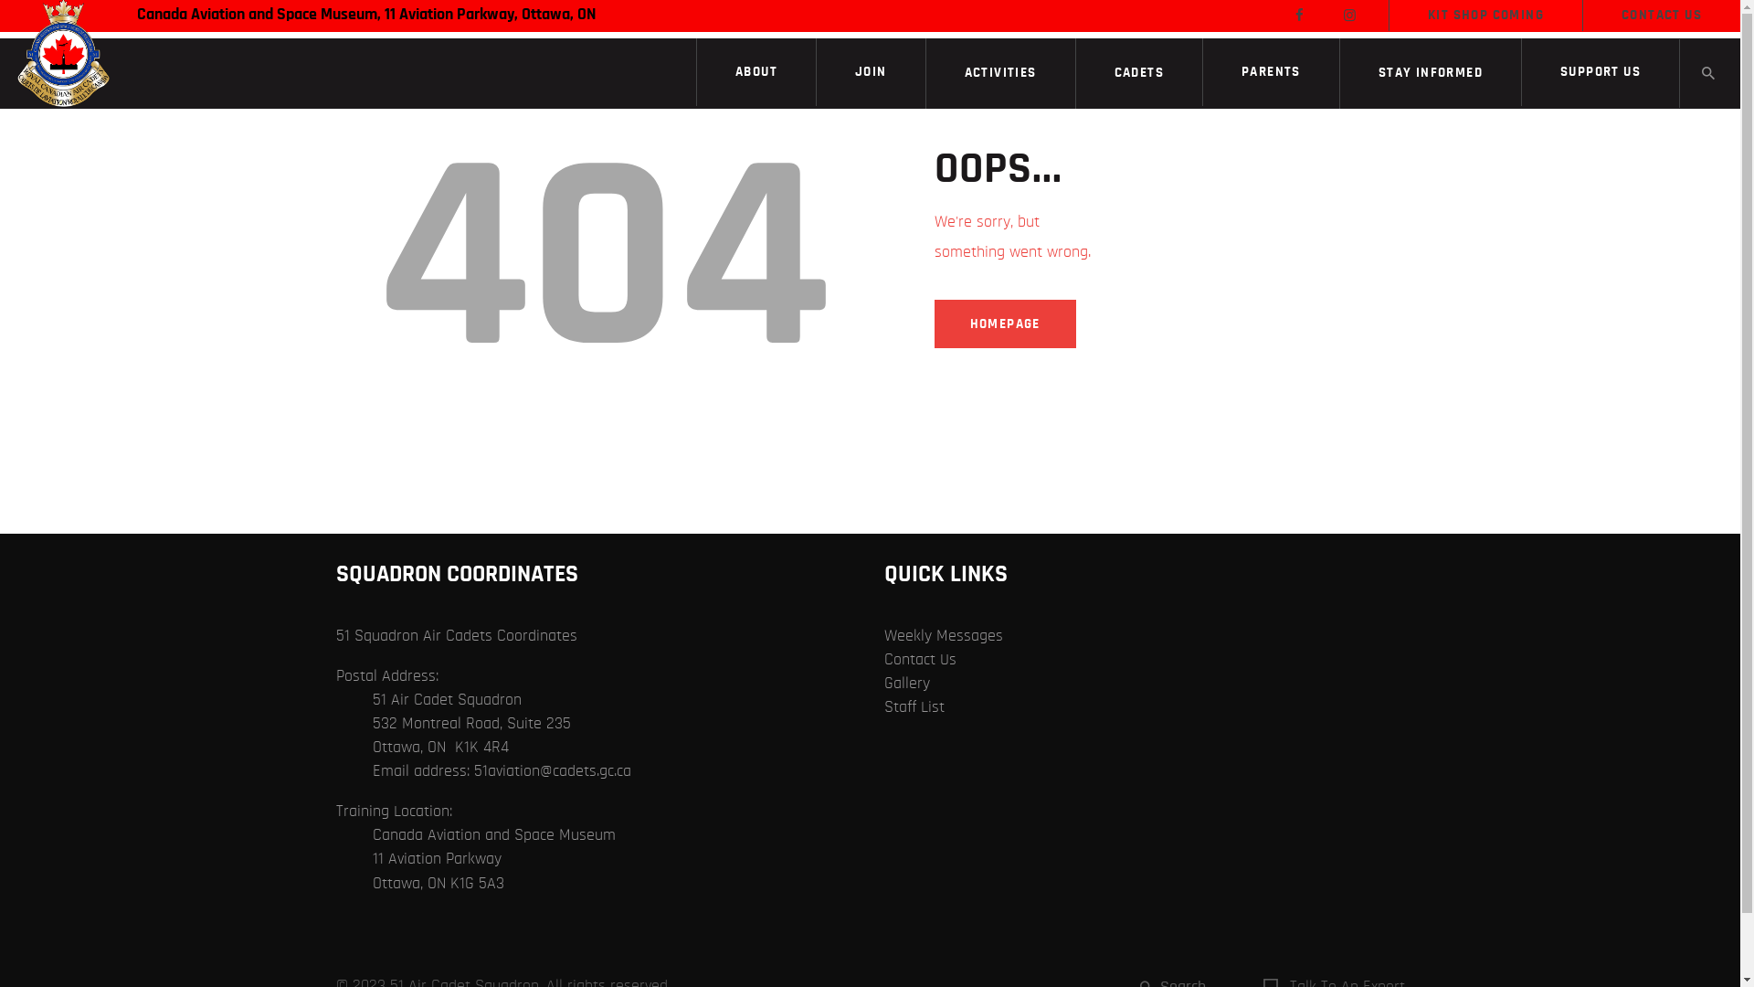 Image resolution: width=1754 pixels, height=987 pixels. Describe the element at coordinates (1270, 70) in the screenshot. I see `'PARENTS'` at that location.